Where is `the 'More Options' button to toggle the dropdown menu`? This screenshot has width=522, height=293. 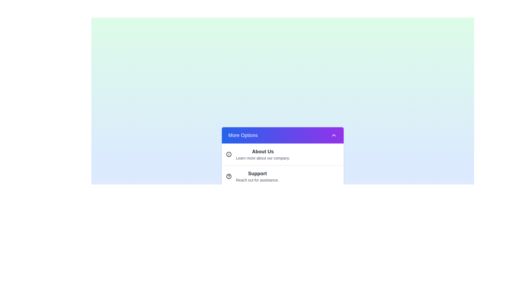
the 'More Options' button to toggle the dropdown menu is located at coordinates (283, 135).